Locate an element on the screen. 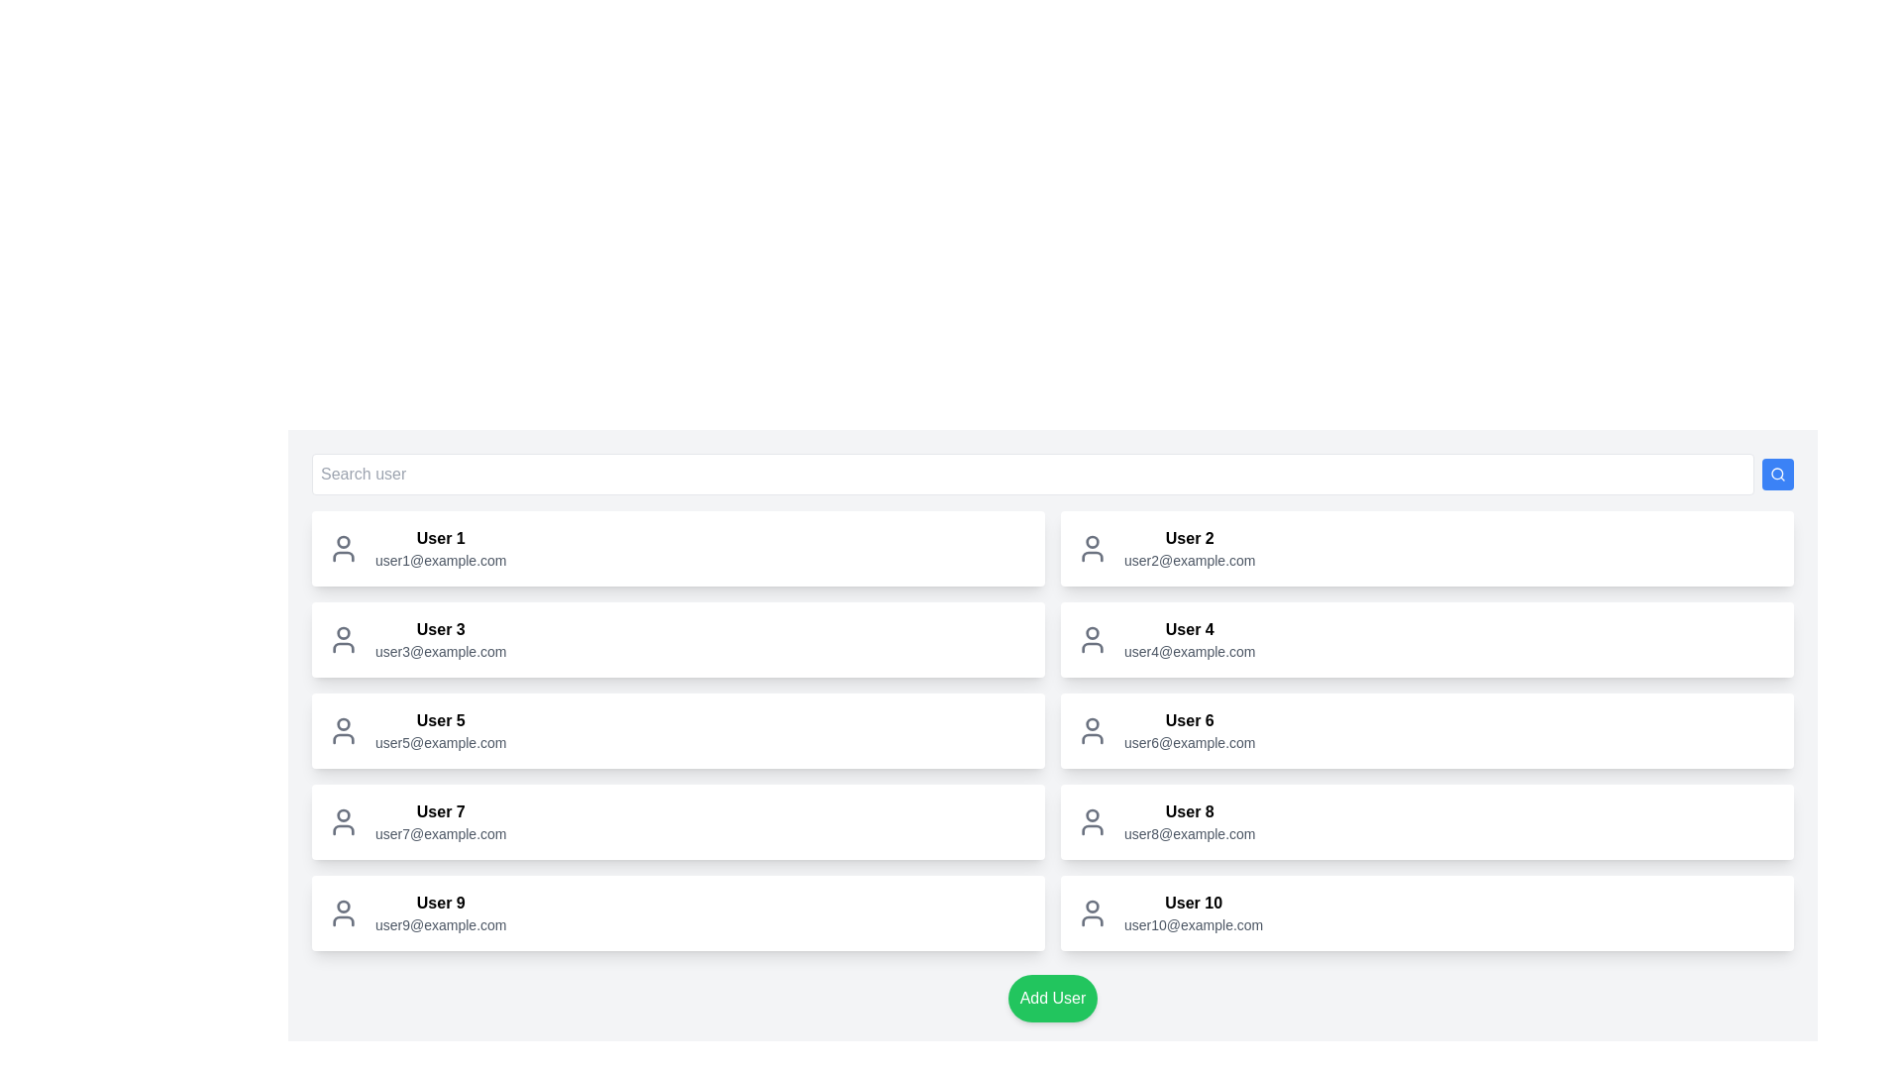 The image size is (1902, 1070). the 'User 5' text label, which is bold and part of the user entry list, located in the third position from the top is located at coordinates (440, 721).